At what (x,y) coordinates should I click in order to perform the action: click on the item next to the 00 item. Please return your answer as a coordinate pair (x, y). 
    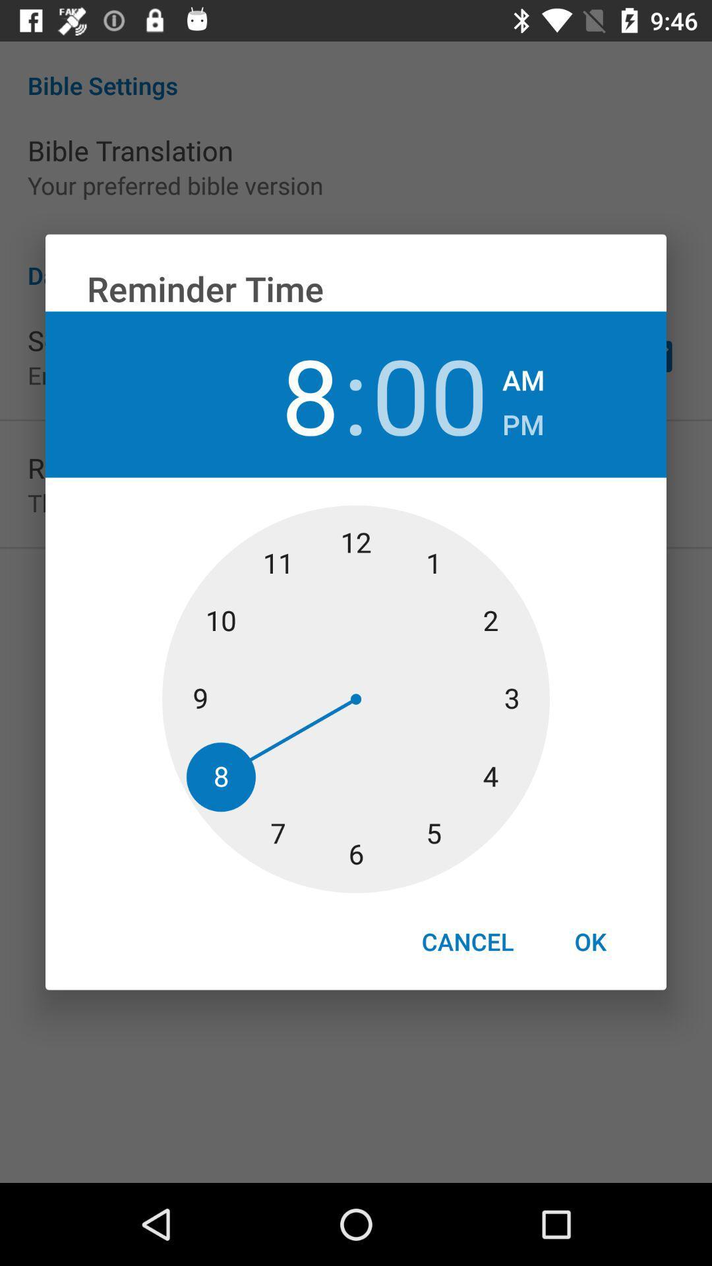
    Looking at the image, I should click on (522, 420).